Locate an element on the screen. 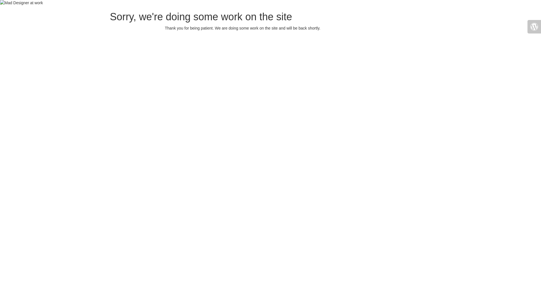 Image resolution: width=541 pixels, height=304 pixels. 'Mad Designer at work' is located at coordinates (0, 3).